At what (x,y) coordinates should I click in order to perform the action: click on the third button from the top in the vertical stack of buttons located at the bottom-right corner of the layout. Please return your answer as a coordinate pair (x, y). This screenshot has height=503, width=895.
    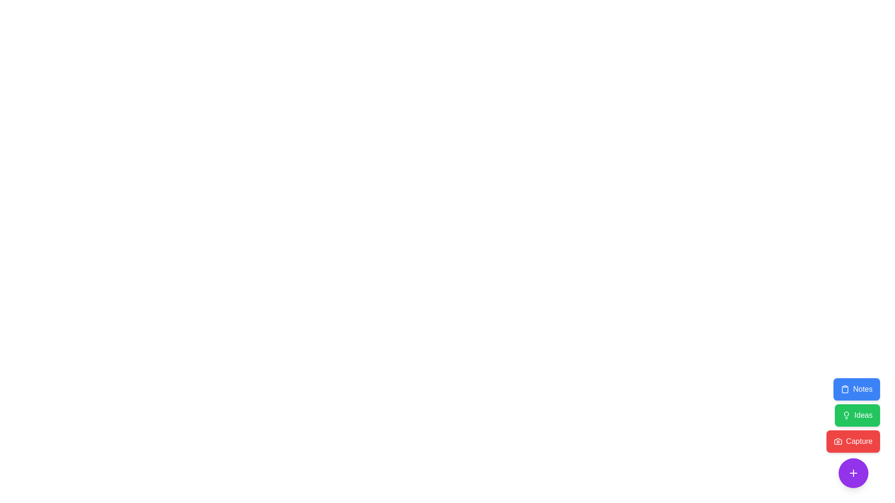
    Looking at the image, I should click on (853, 433).